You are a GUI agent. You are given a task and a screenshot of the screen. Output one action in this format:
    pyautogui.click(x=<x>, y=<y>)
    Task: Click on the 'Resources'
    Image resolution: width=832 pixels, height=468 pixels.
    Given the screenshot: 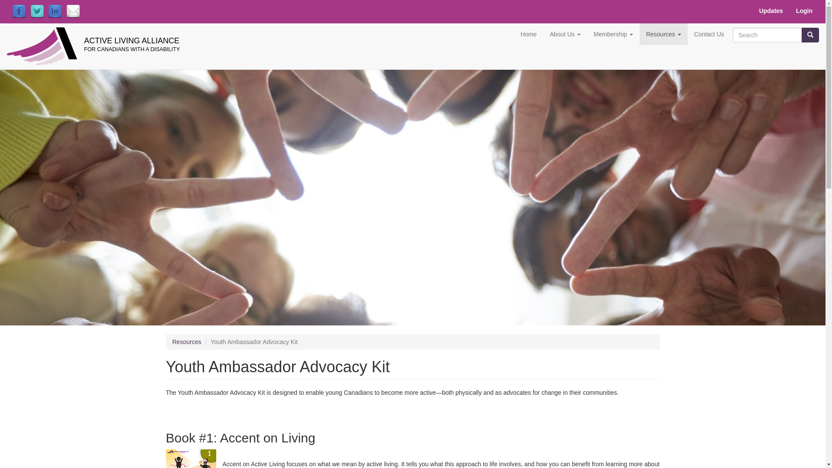 What is the action you would take?
    pyautogui.click(x=172, y=341)
    